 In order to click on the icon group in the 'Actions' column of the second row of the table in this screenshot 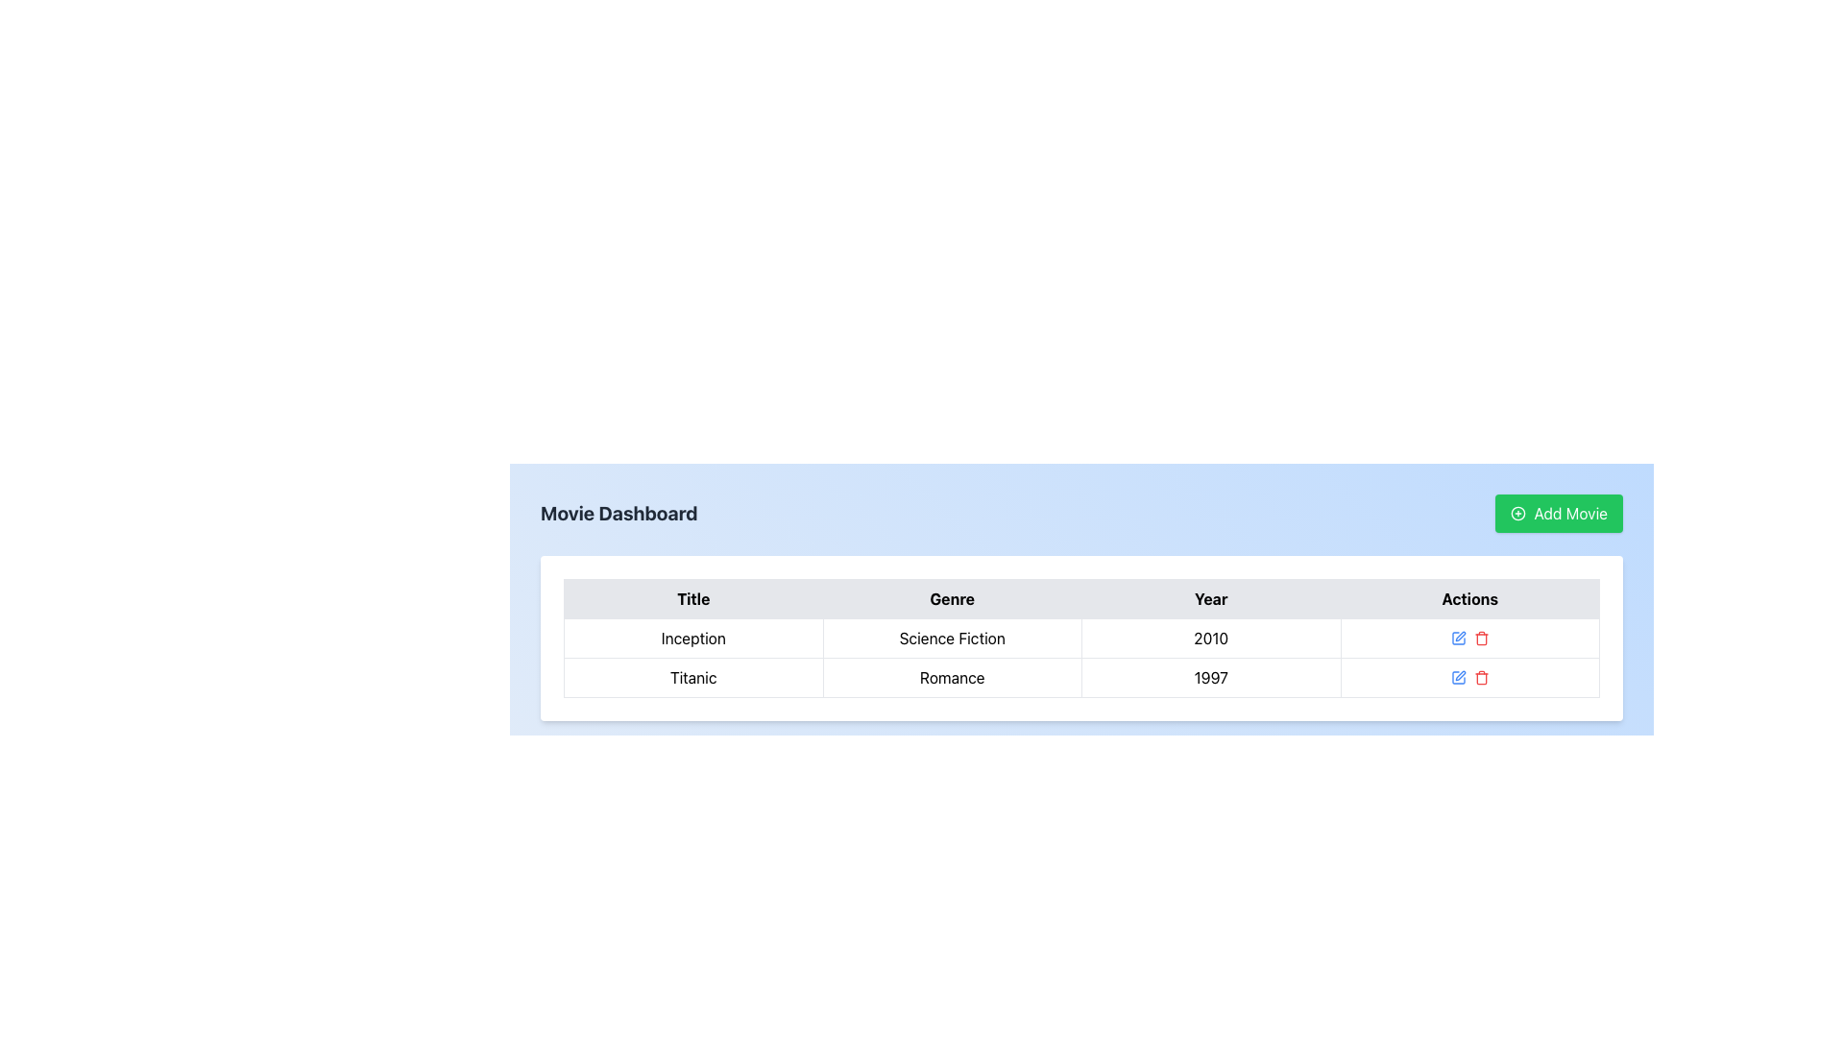, I will do `click(1468, 676)`.